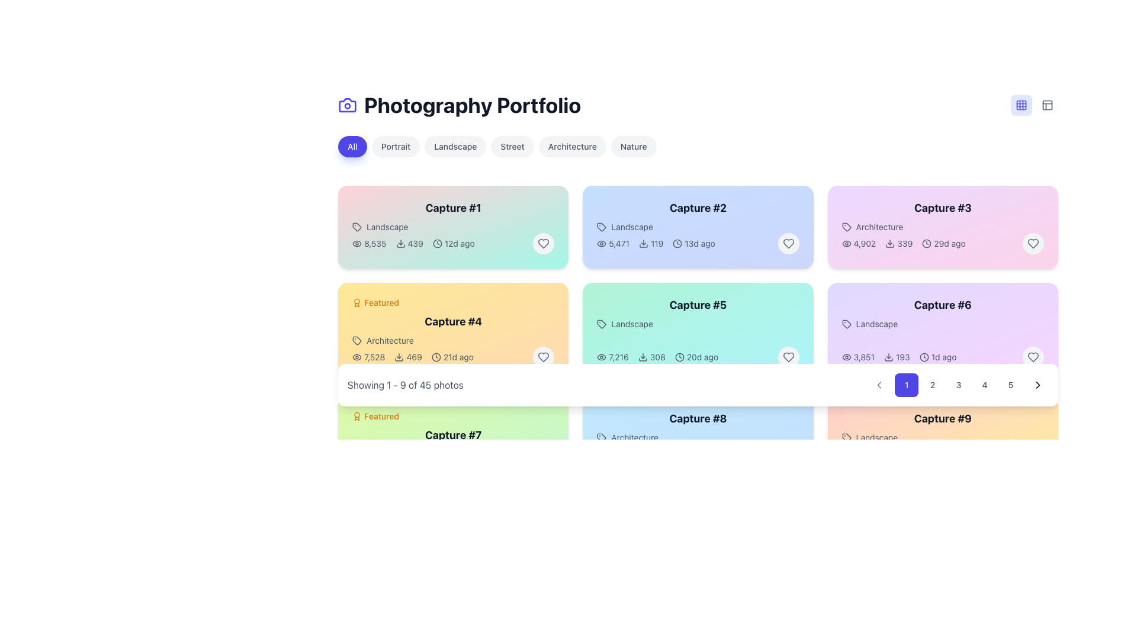  Describe the element at coordinates (890, 243) in the screenshot. I see `the download icon located at the top-right corner of the 'Capture #3' card, positioned between the text '4,902' and the number '339'` at that location.